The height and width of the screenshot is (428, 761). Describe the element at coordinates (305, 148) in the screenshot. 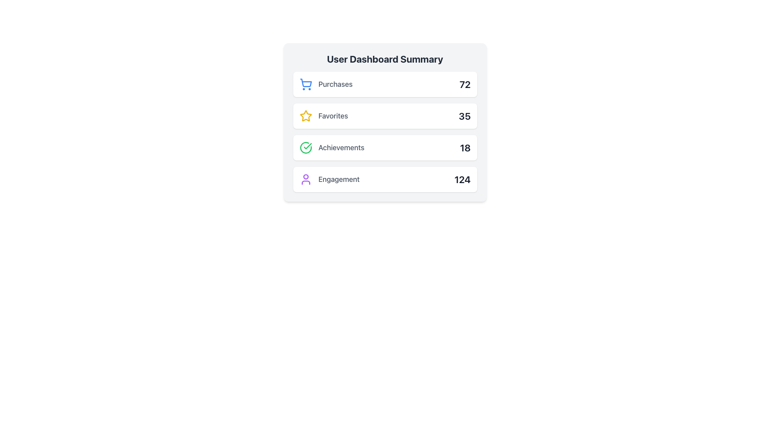

I see `the icon indicating the status of the achievements category in the User Dashboard Summary` at that location.